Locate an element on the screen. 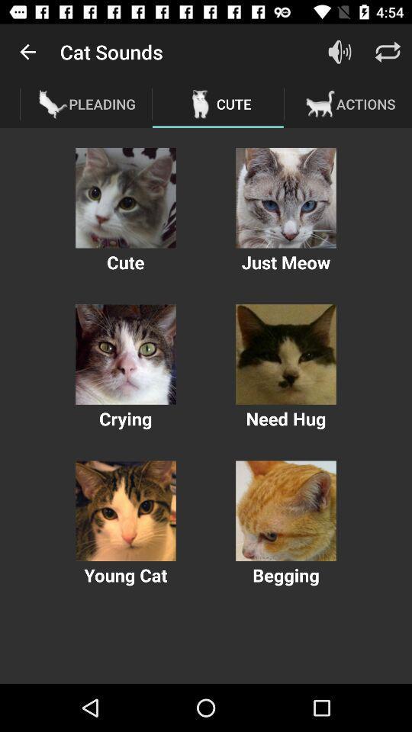 The image size is (412, 732). volue button is located at coordinates (340, 52).